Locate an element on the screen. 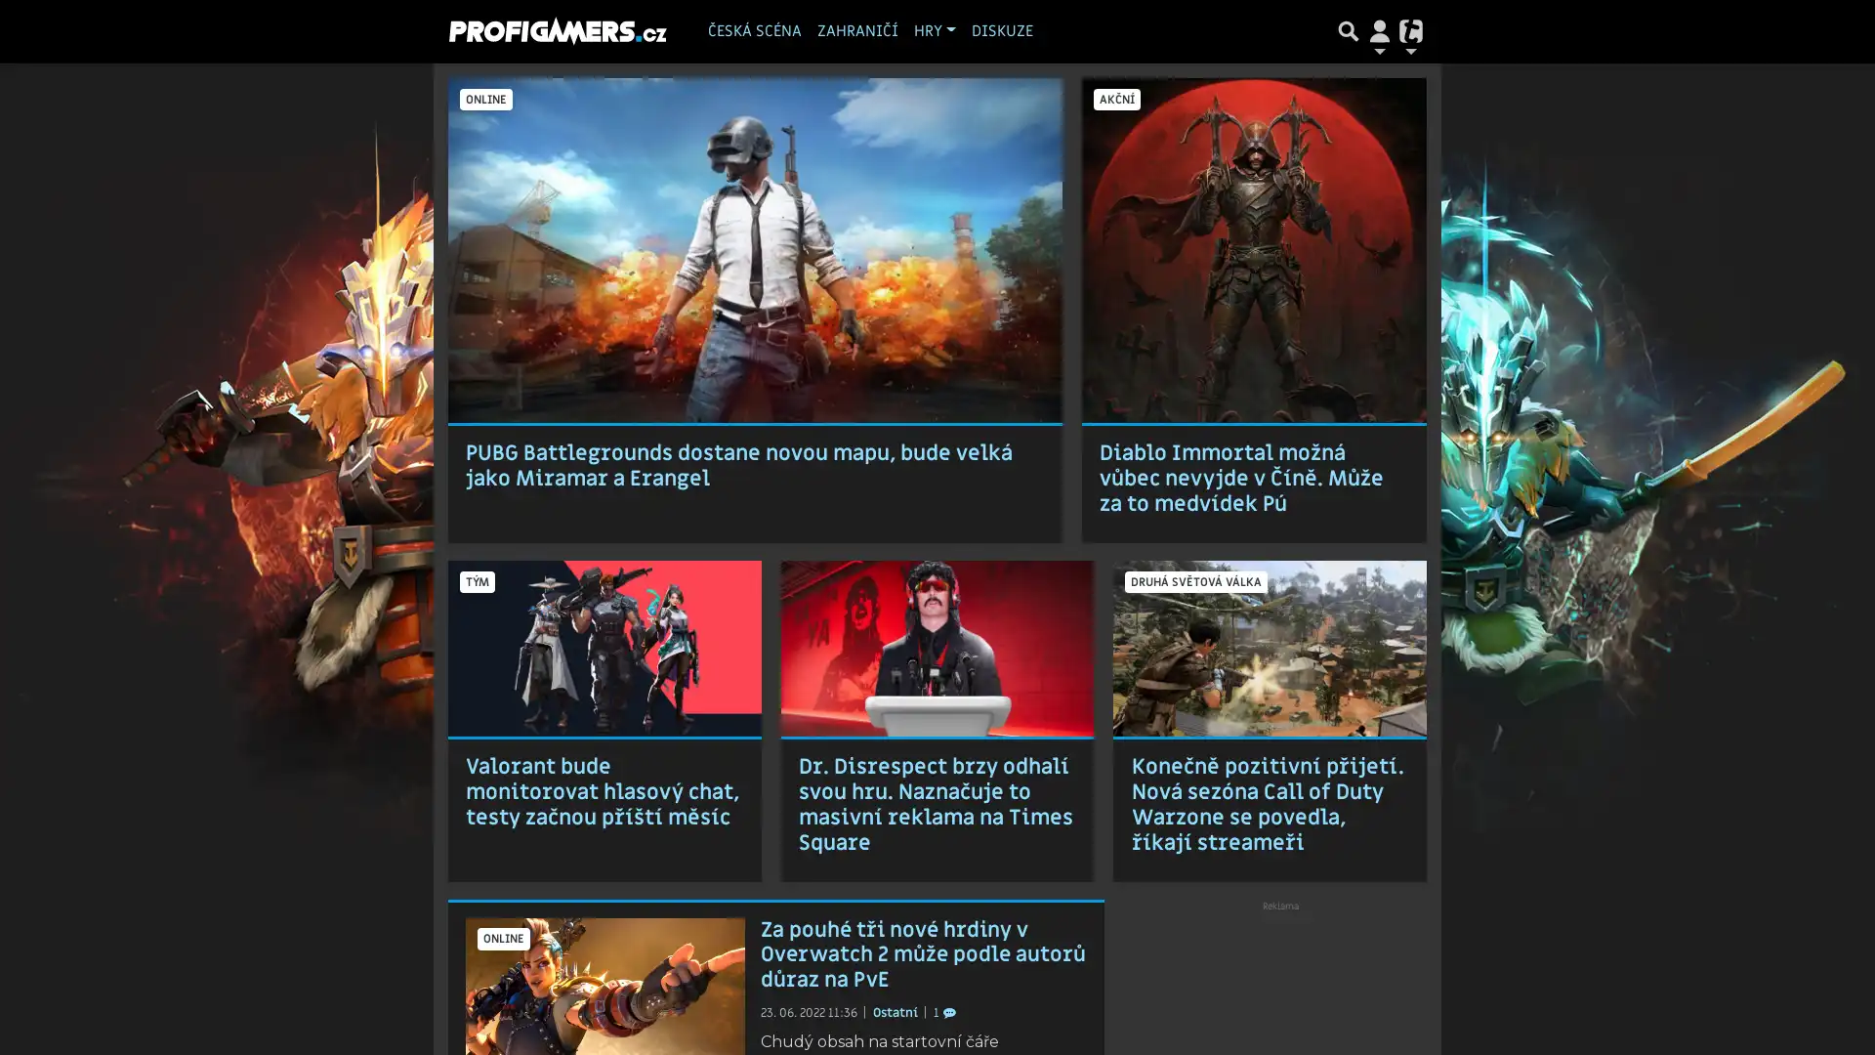  Prepnout navigaci is located at coordinates (1378, 30).